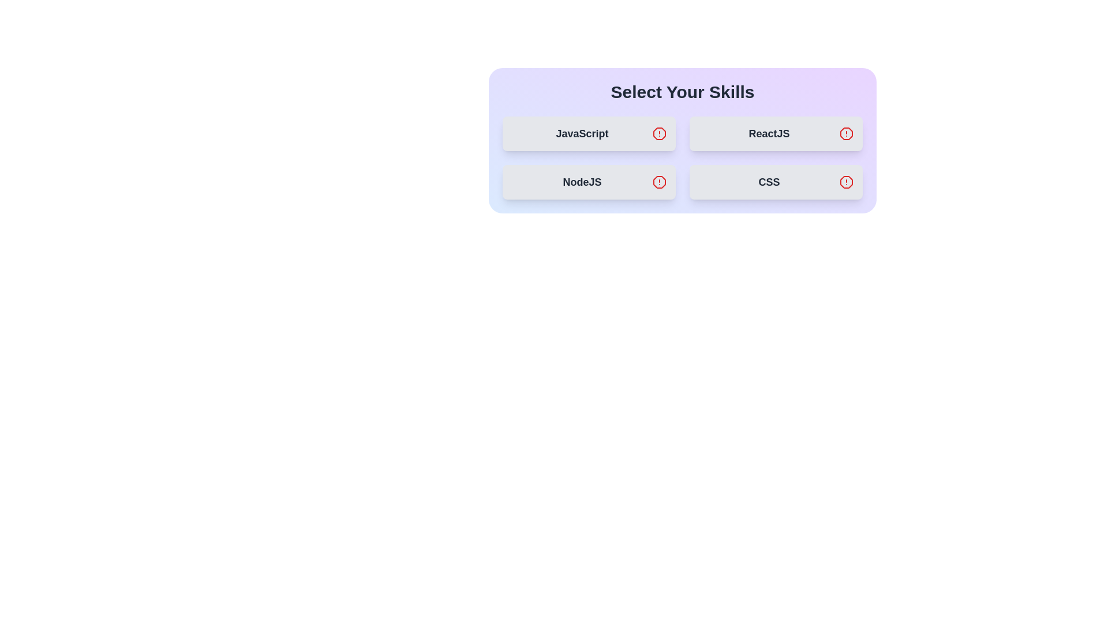  I want to click on the heading text 'Select Your Skills' by clicking on it, so click(682, 91).